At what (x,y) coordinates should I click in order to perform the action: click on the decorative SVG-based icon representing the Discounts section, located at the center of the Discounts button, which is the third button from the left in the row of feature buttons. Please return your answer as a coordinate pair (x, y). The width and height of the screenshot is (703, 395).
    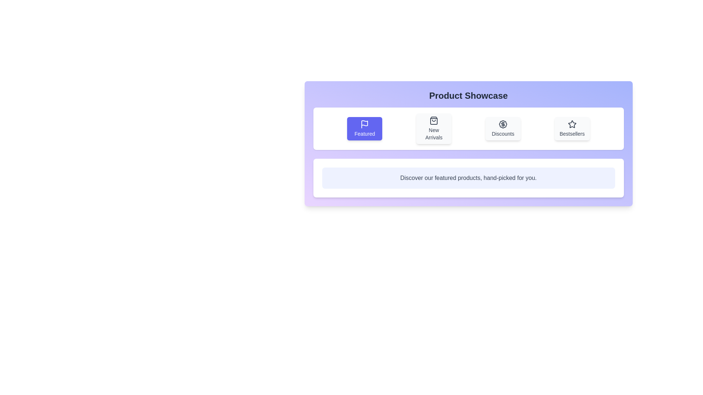
    Looking at the image, I should click on (502, 124).